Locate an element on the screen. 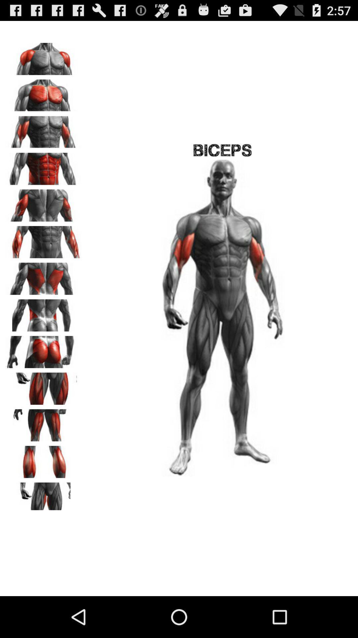  target muscle group to work on is located at coordinates (43, 166).